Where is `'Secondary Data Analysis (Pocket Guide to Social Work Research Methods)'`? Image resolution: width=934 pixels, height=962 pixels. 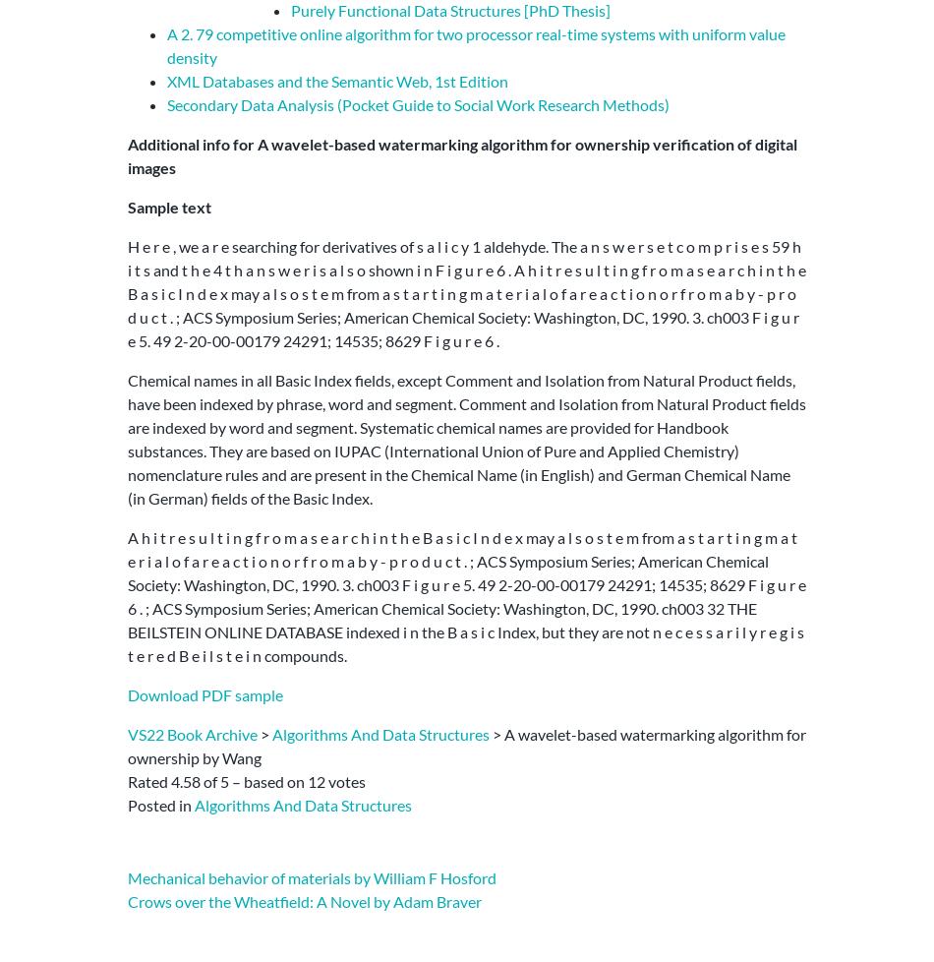
'Secondary Data Analysis (Pocket Guide to Social Work Research Methods)' is located at coordinates (417, 103).